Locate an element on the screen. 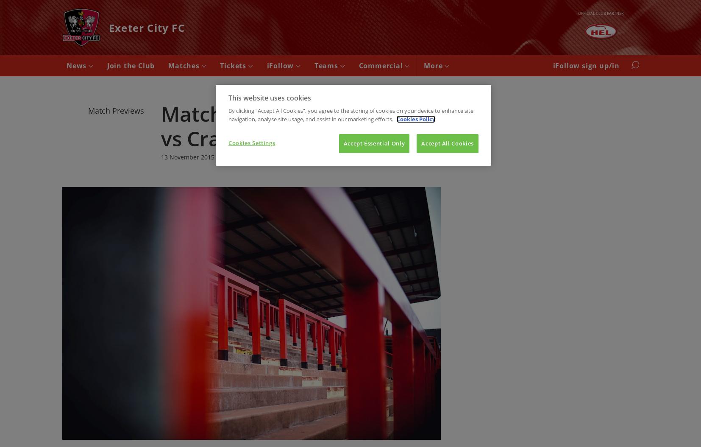 The image size is (701, 447). '13 November 2015' is located at coordinates (187, 156).